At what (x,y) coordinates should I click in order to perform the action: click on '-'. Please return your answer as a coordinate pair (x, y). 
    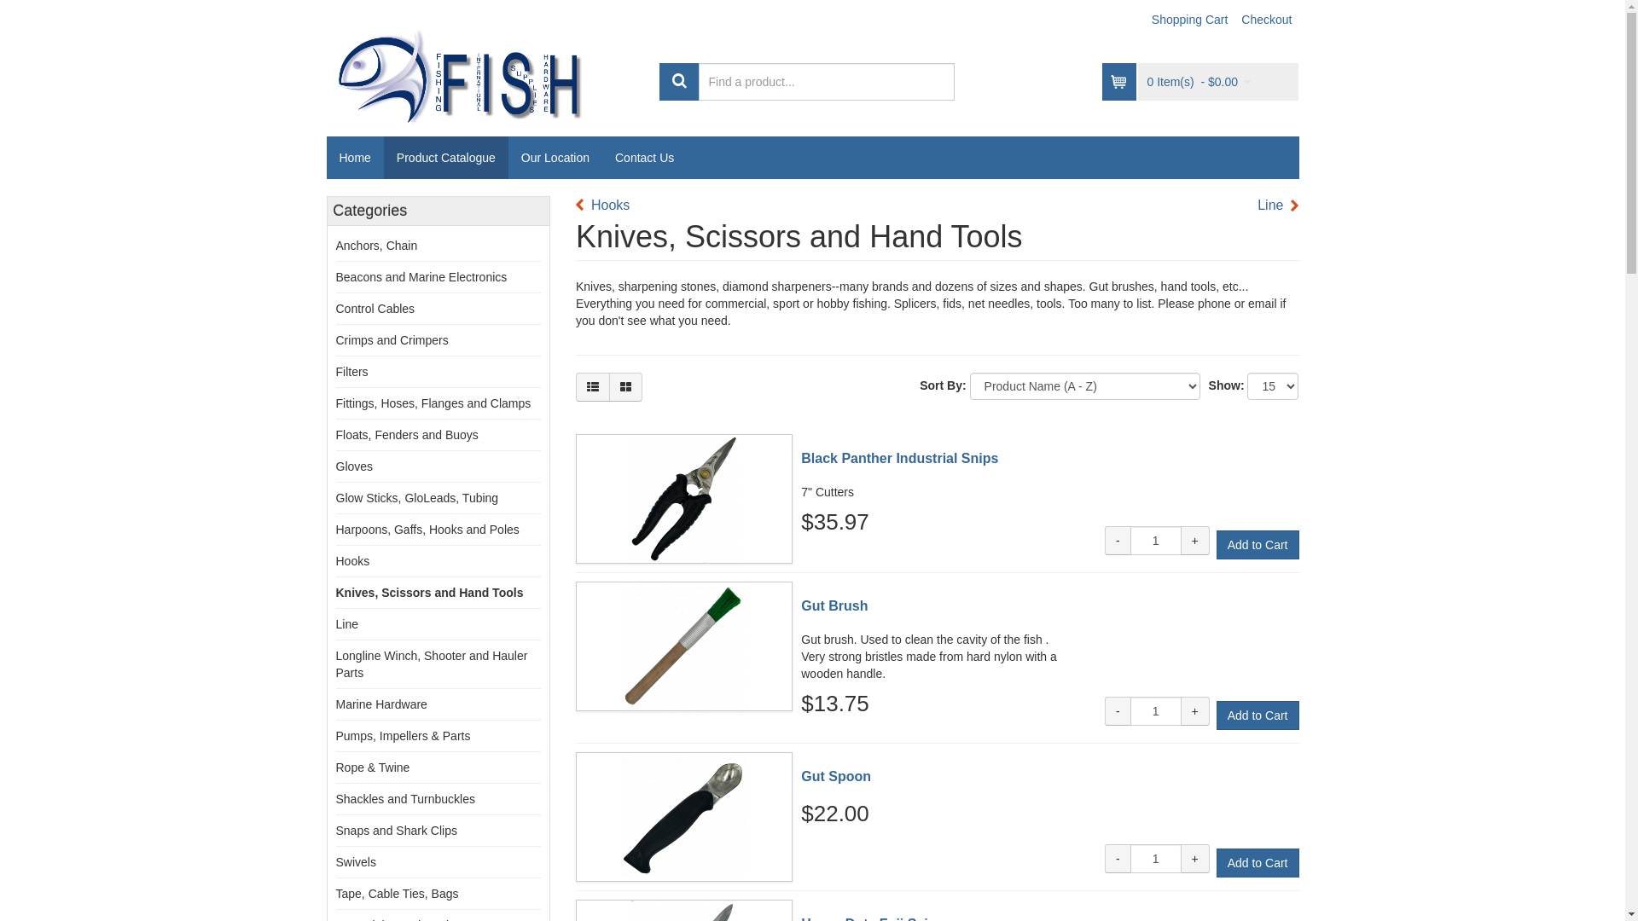
    Looking at the image, I should click on (1118, 710).